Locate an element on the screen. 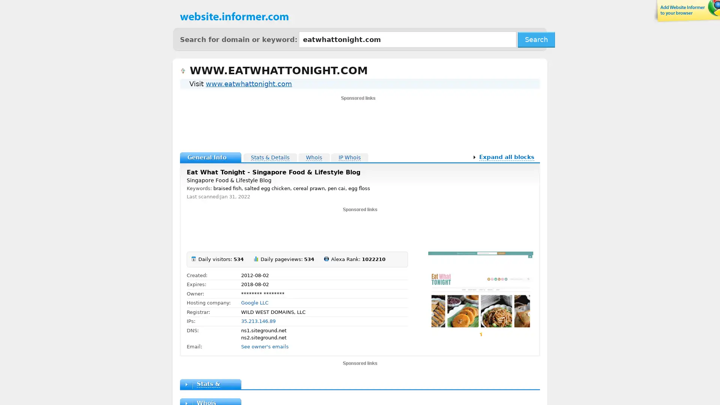  Search is located at coordinates (536, 39).